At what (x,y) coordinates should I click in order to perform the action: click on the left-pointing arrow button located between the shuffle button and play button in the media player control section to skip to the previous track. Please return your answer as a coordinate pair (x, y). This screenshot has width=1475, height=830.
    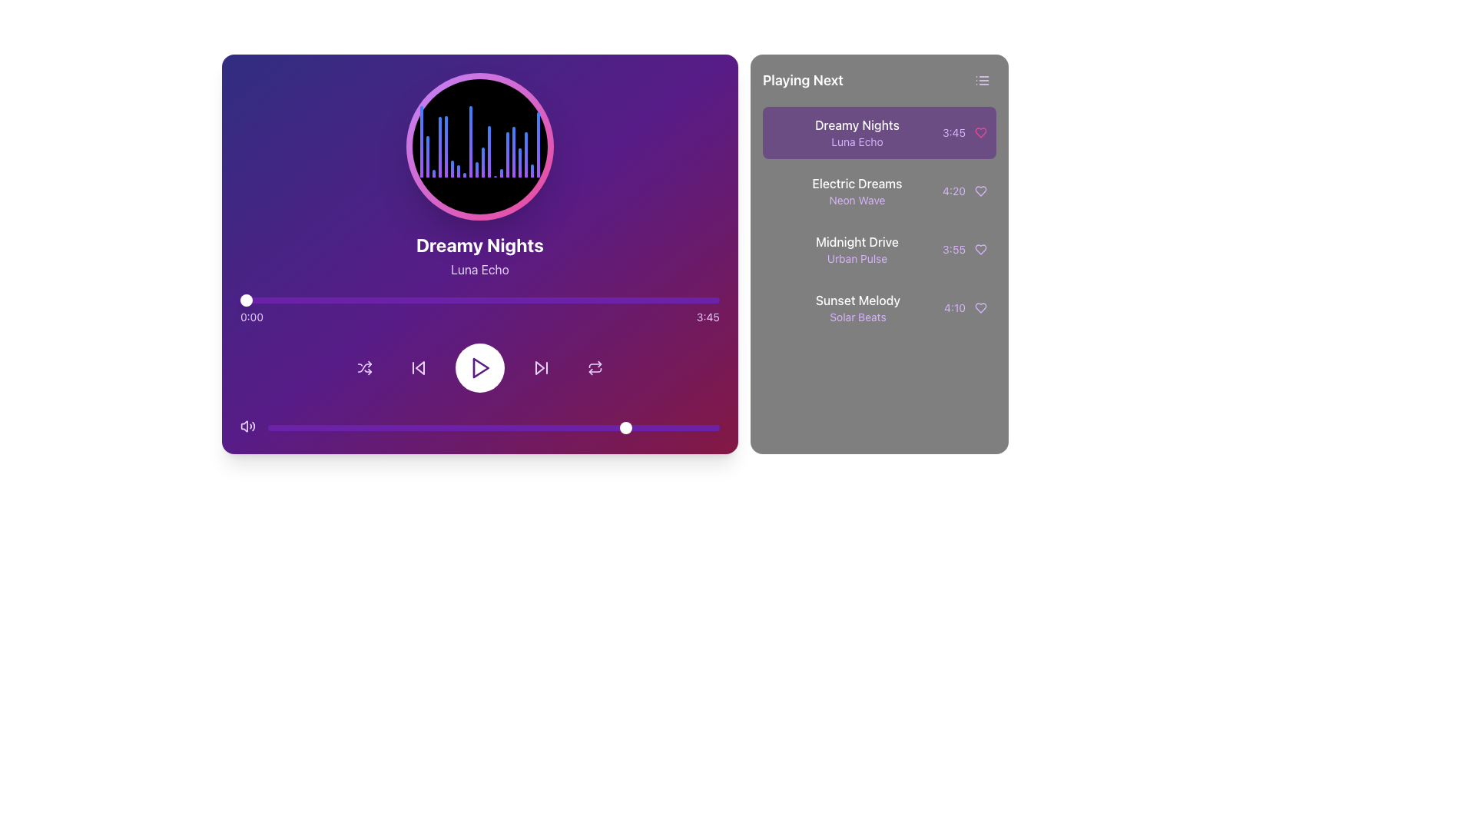
    Looking at the image, I should click on (418, 367).